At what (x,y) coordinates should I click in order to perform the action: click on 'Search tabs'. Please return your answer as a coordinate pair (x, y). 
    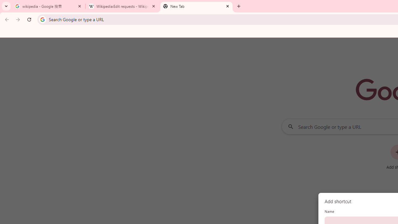
    Looking at the image, I should click on (6, 6).